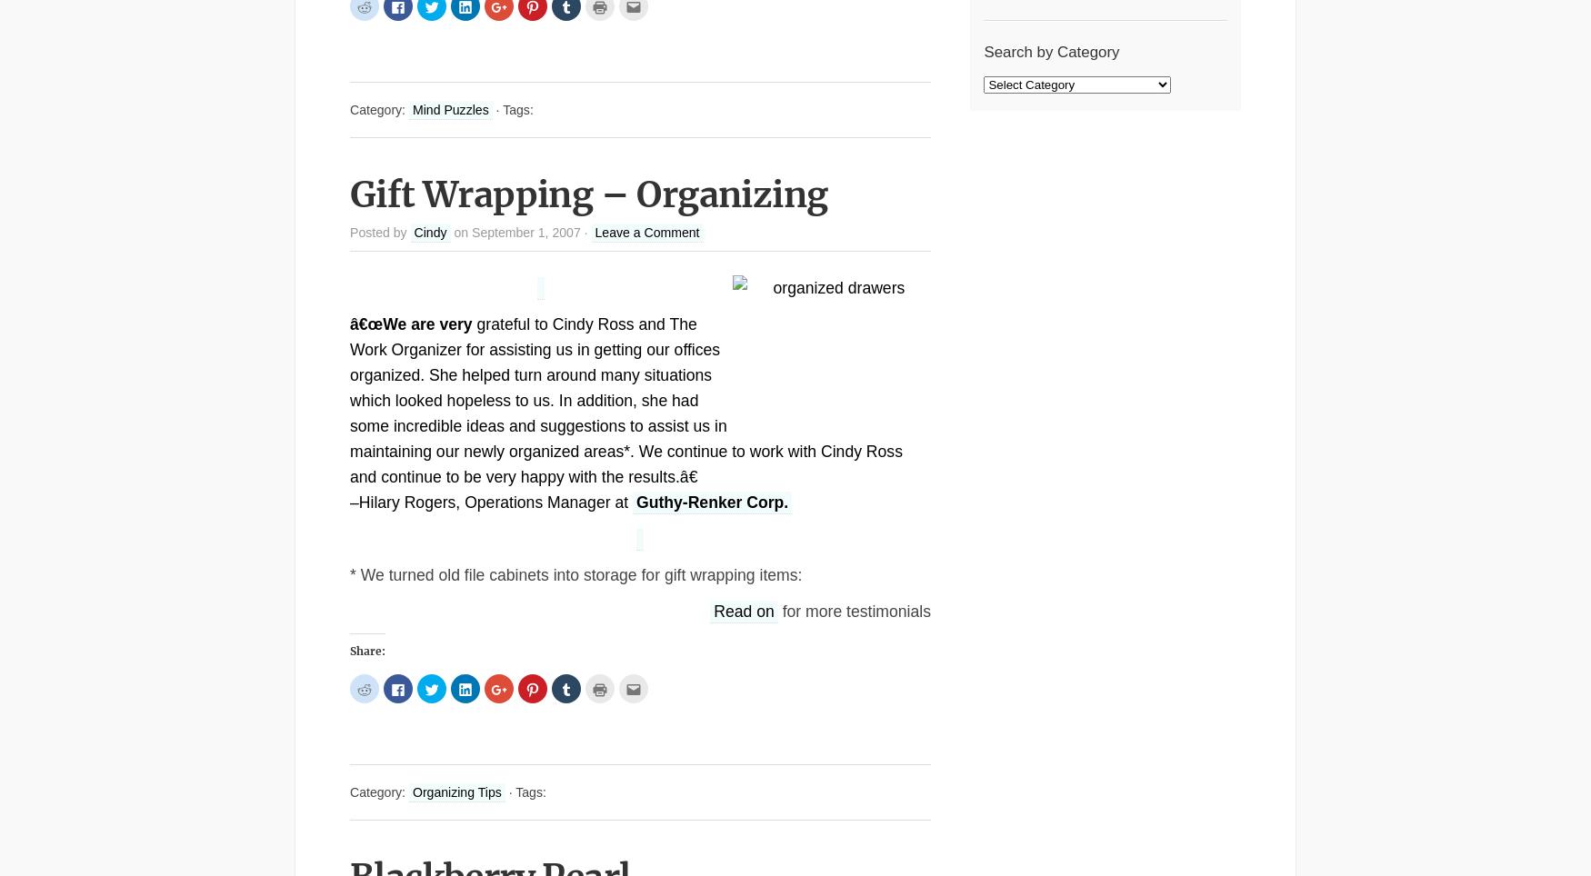 The width and height of the screenshot is (1591, 876). Describe the element at coordinates (710, 503) in the screenshot. I see `'Guthy-Renker Corp.'` at that location.